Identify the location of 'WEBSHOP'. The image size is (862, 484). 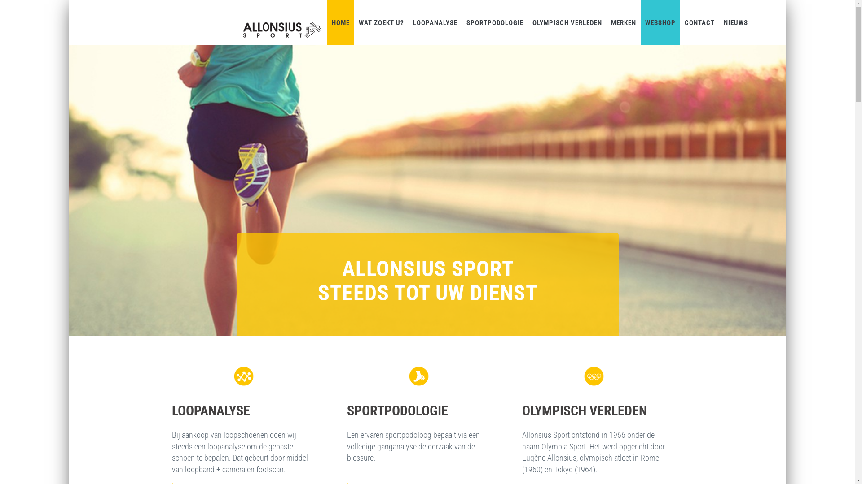
(660, 22).